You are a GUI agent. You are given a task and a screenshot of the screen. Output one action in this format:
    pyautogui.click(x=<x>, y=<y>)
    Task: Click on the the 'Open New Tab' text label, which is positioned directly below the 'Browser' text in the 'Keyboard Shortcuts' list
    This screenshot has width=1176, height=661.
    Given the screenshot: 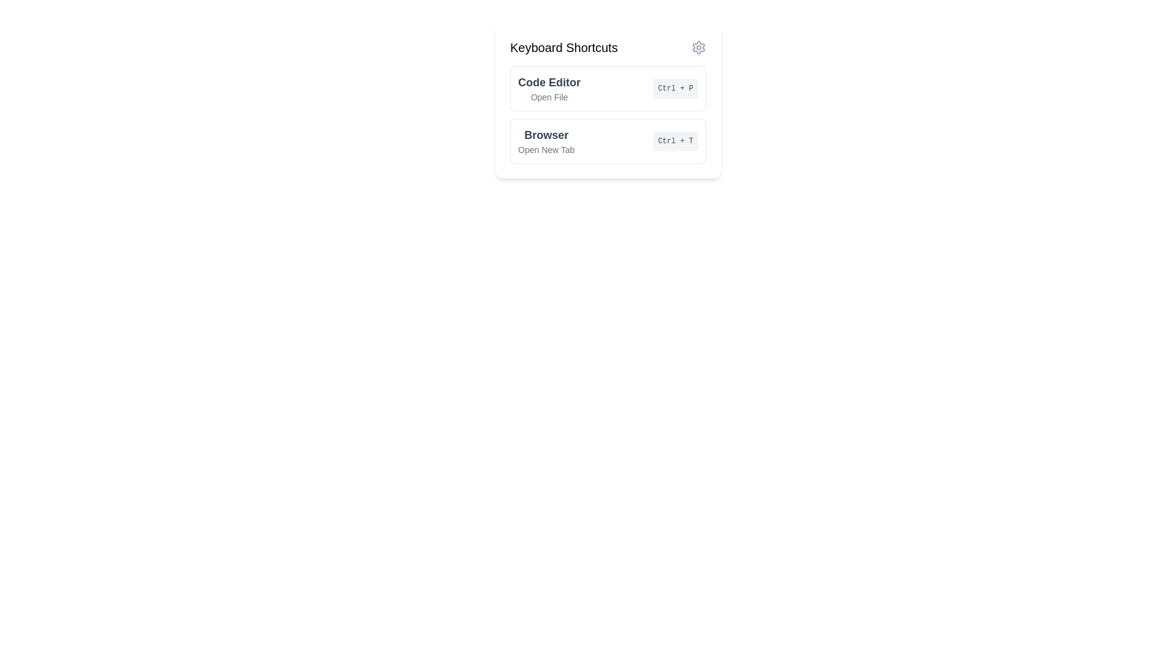 What is the action you would take?
    pyautogui.click(x=546, y=149)
    